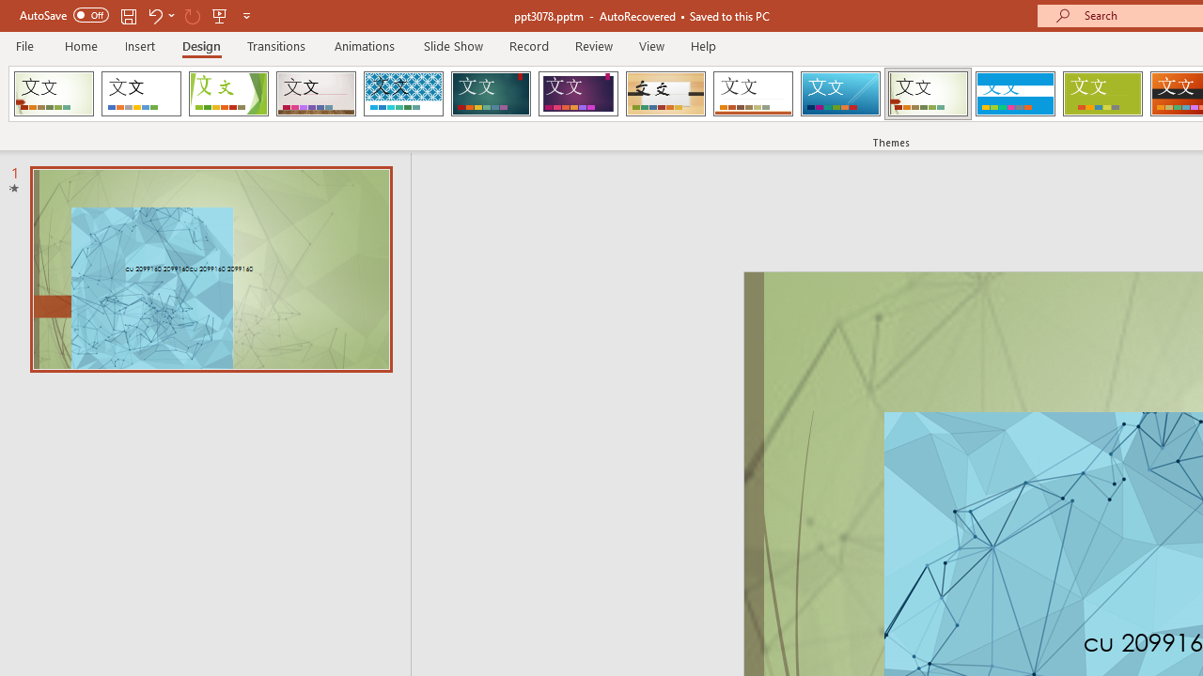 The height and width of the screenshot is (676, 1203). I want to click on 'Wisp', so click(928, 94).